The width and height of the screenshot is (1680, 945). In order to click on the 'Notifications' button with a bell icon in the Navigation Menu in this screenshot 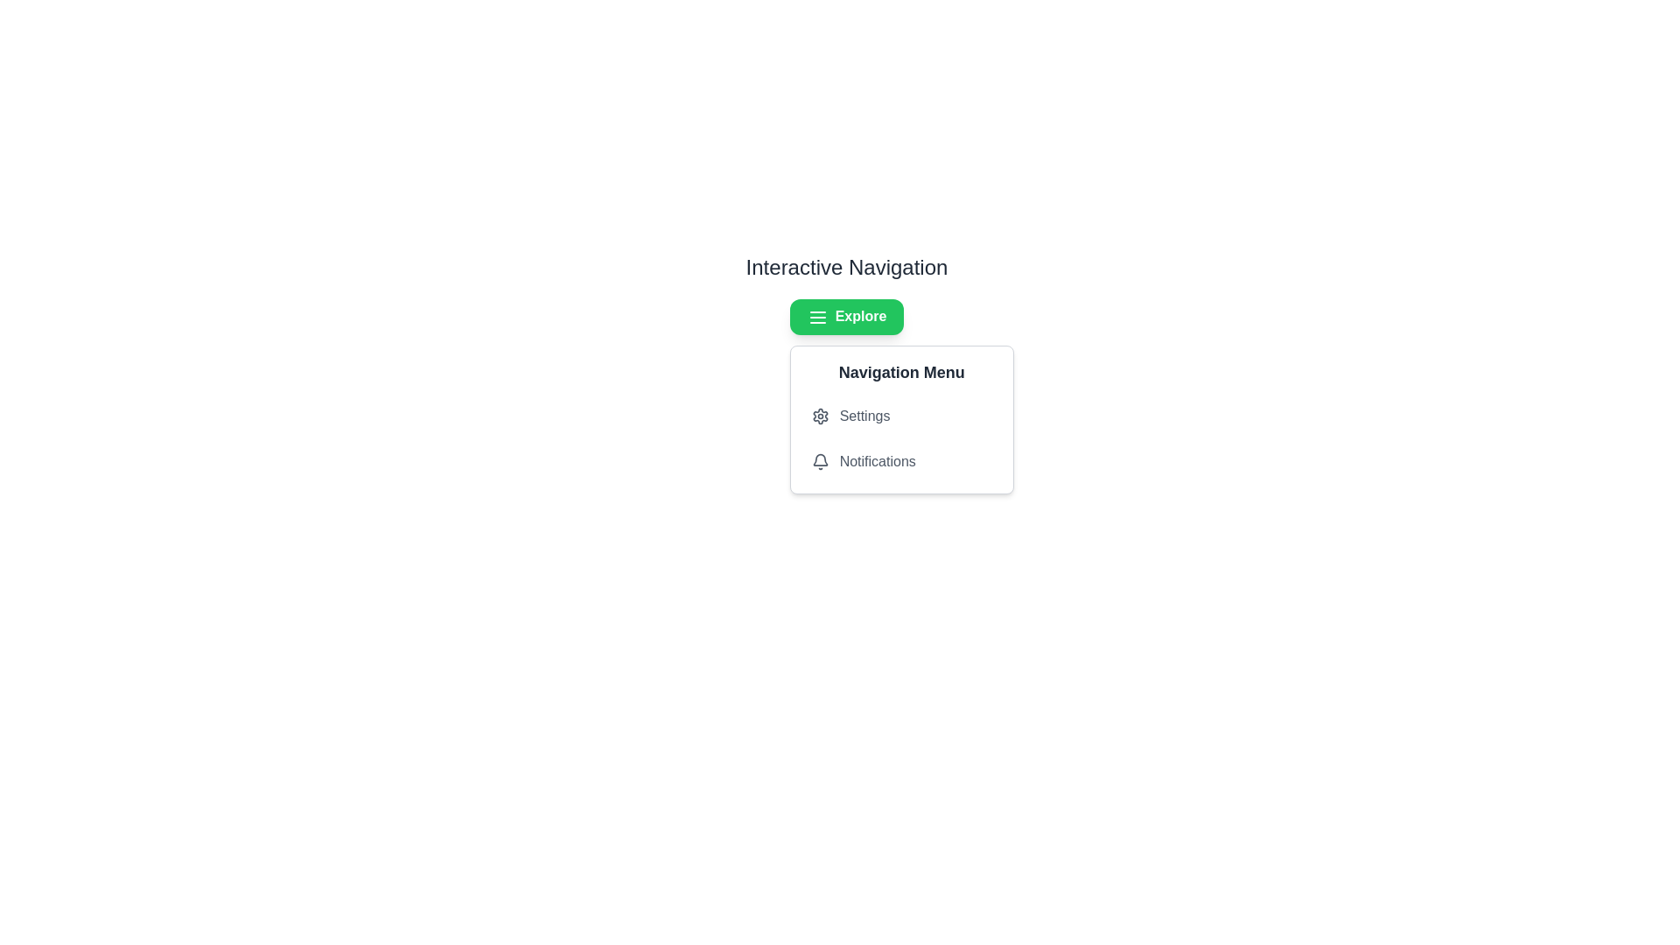, I will do `click(901, 460)`.